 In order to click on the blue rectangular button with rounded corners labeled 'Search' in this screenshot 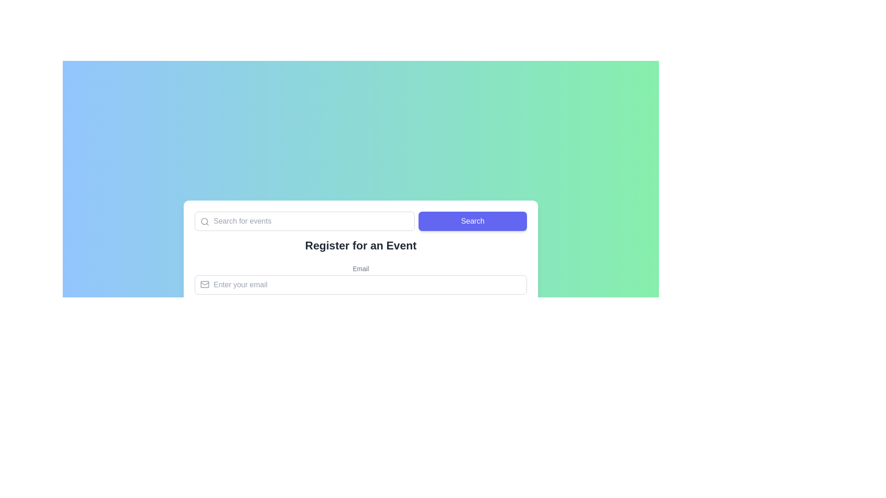, I will do `click(473, 221)`.